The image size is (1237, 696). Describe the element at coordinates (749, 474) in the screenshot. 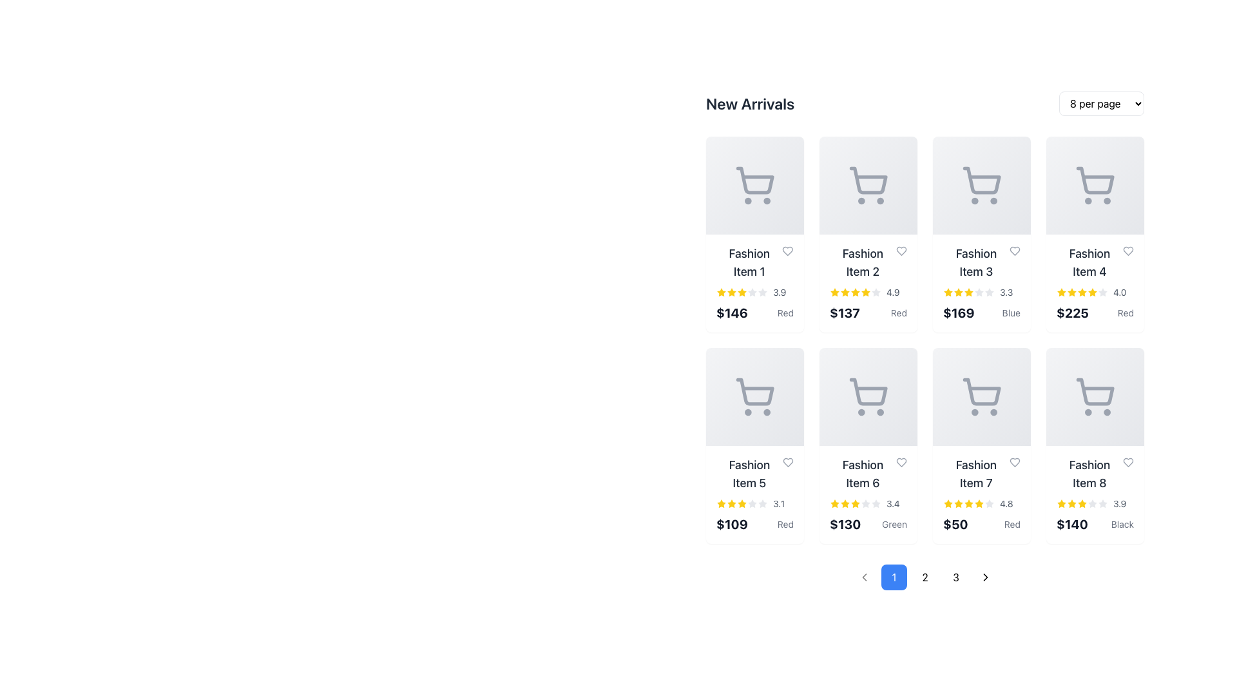

I see `text label that serves as the title or name of the product located in the second row, first column of the grid layout under the 'New Arrivals' section` at that location.